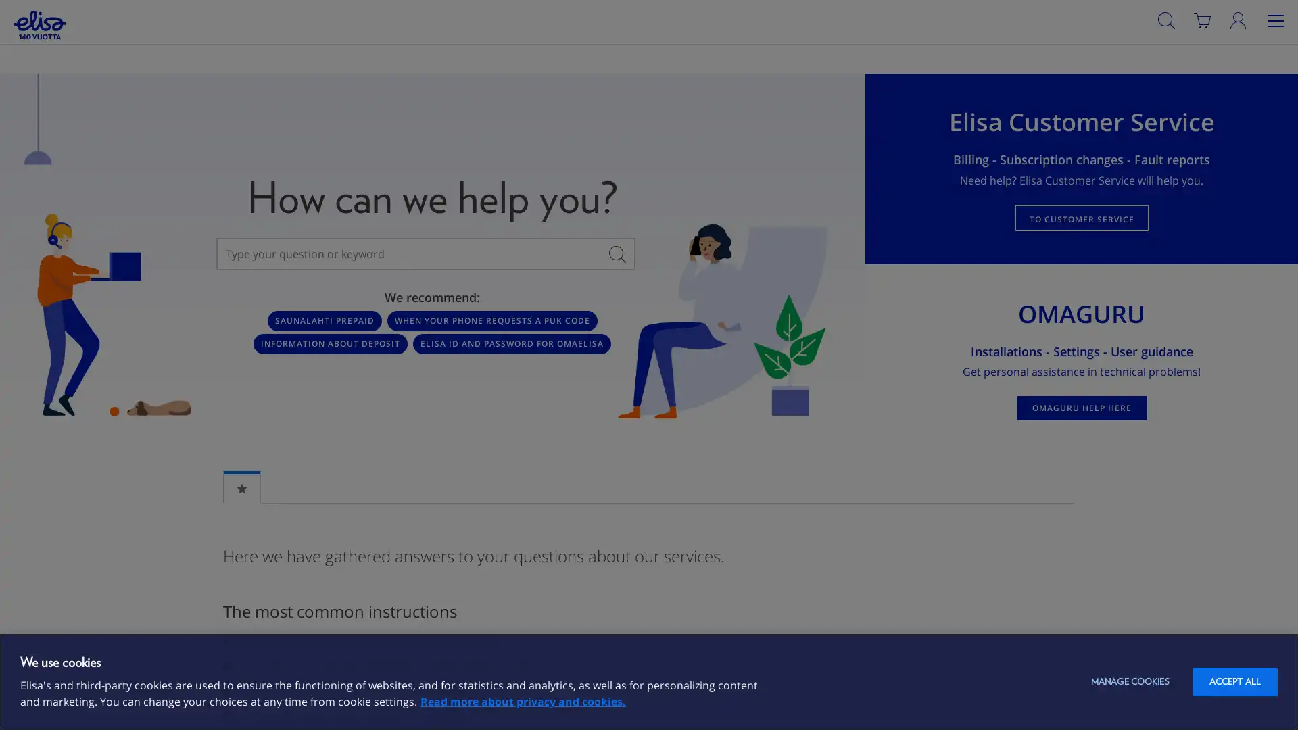 Image resolution: width=1298 pixels, height=730 pixels. I want to click on Log in, so click(1258, 48).